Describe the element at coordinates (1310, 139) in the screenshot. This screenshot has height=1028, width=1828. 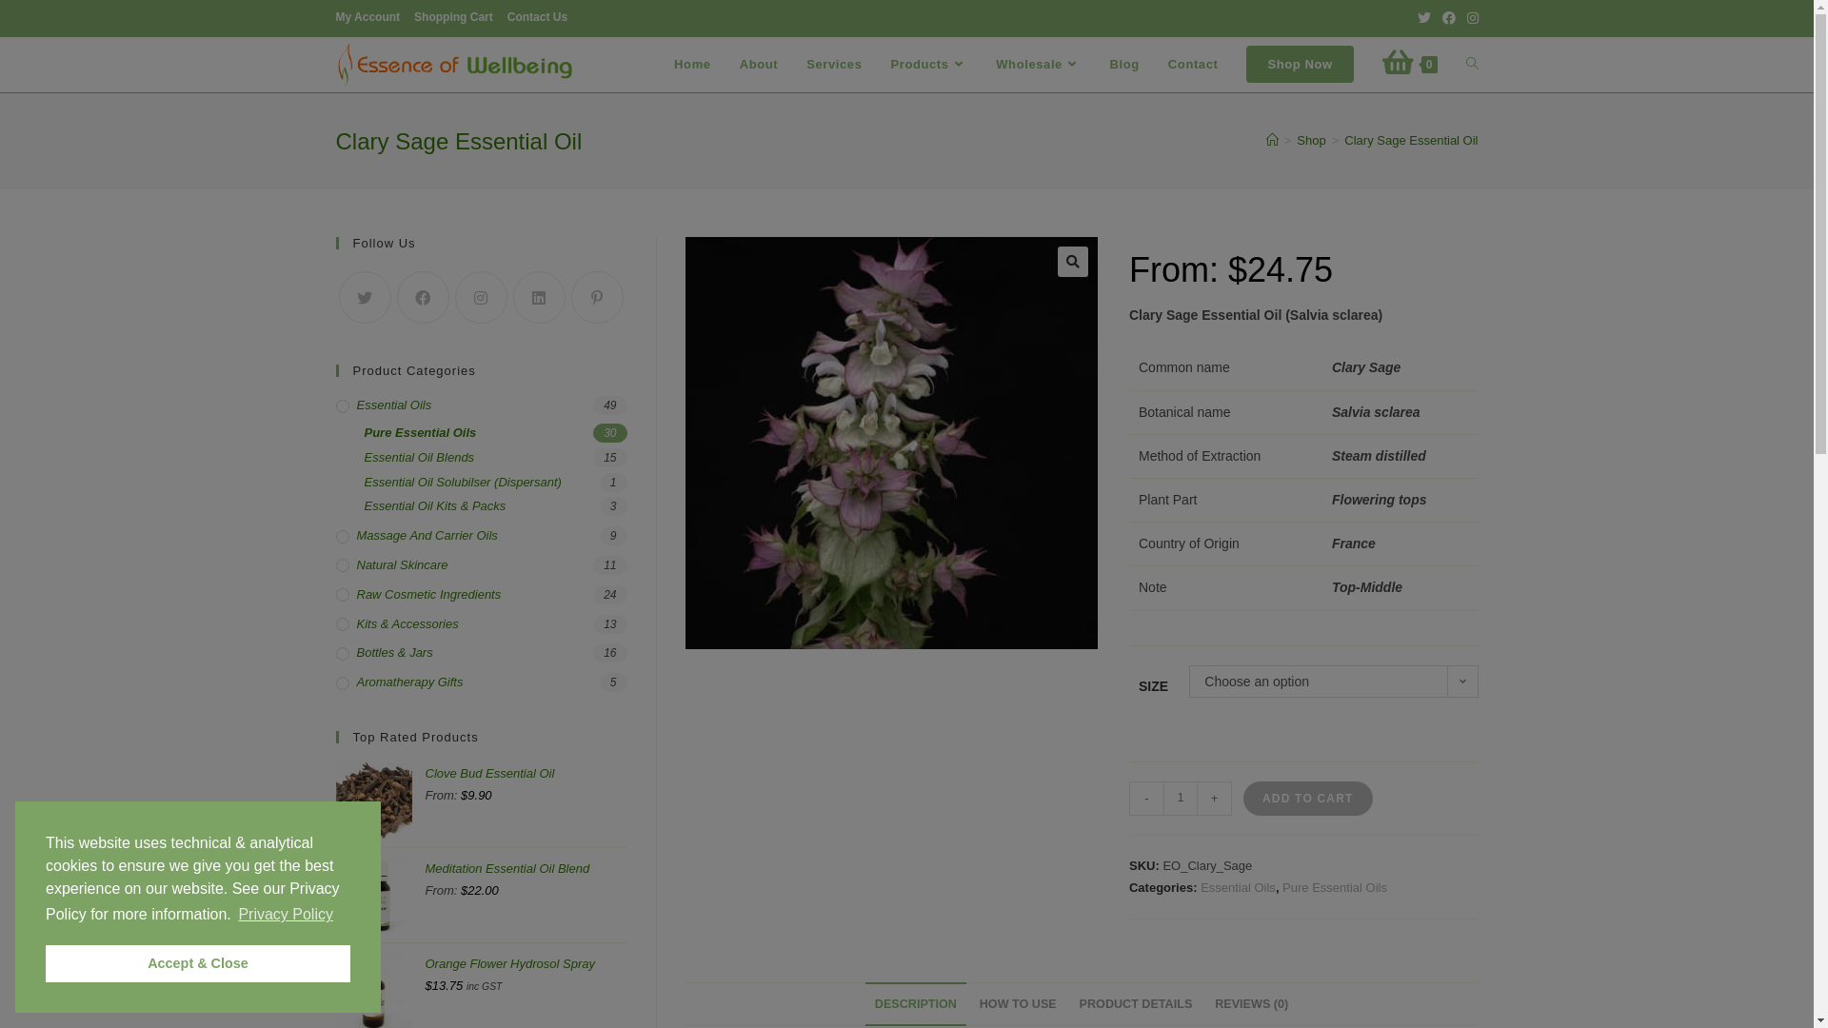
I see `'Shop'` at that location.